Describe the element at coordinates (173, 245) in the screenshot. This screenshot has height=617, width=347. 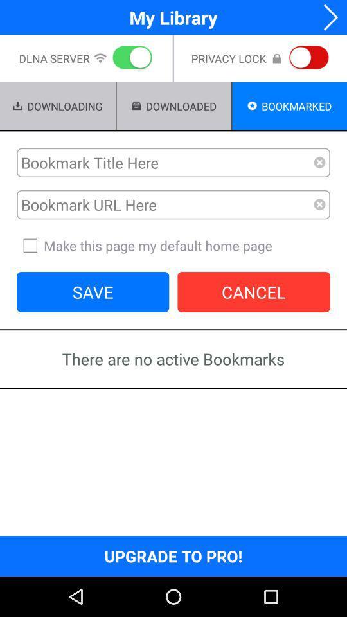
I see `the make this page icon` at that location.